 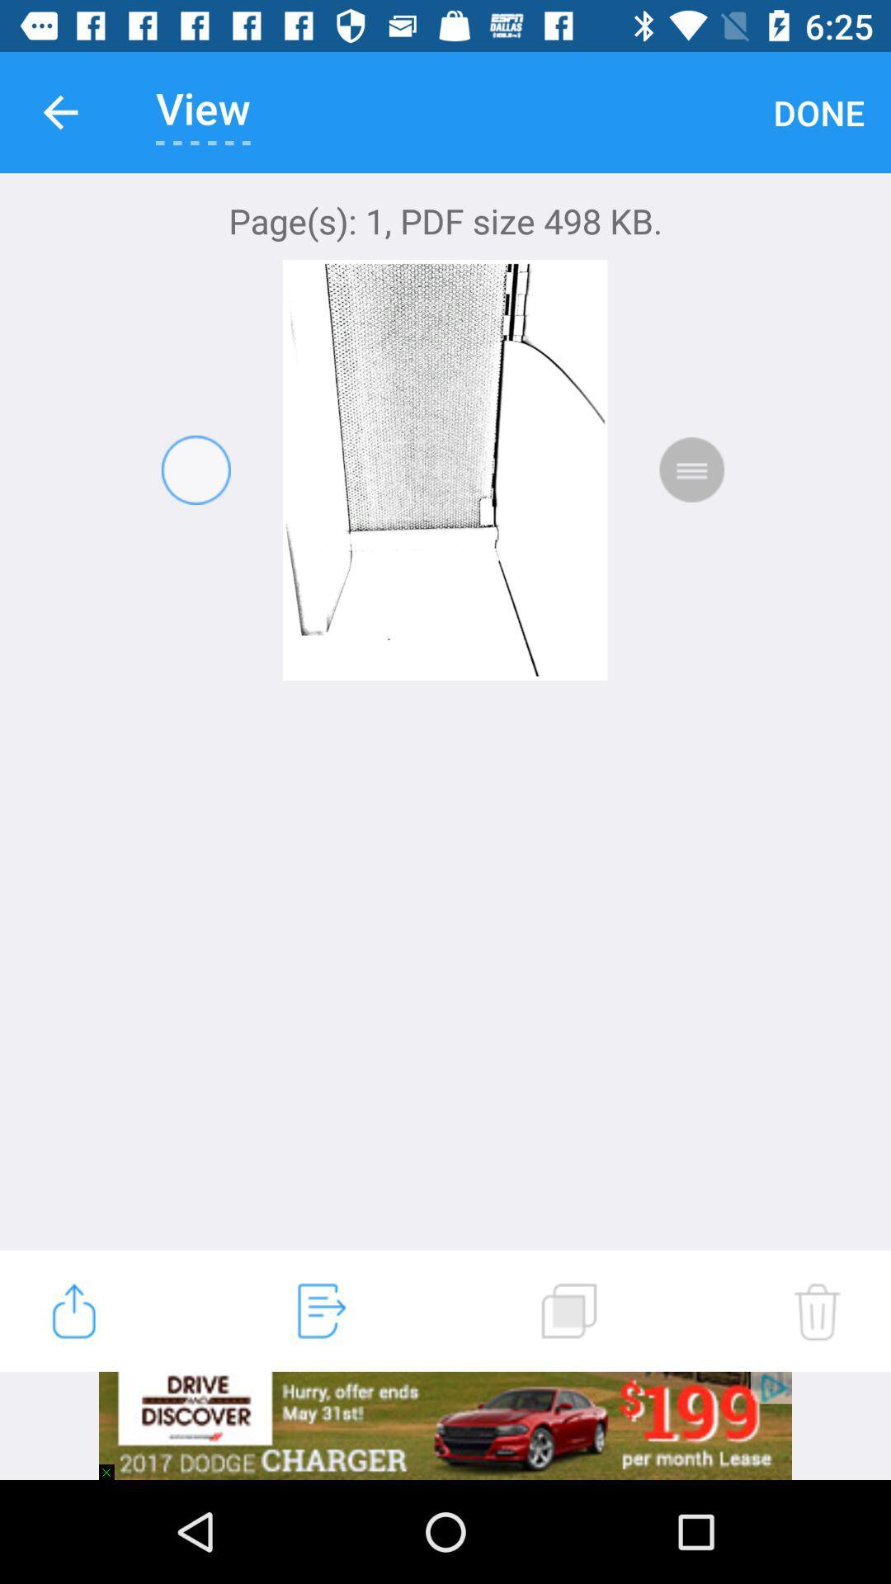 I want to click on the item next to the view, so click(x=818, y=111).